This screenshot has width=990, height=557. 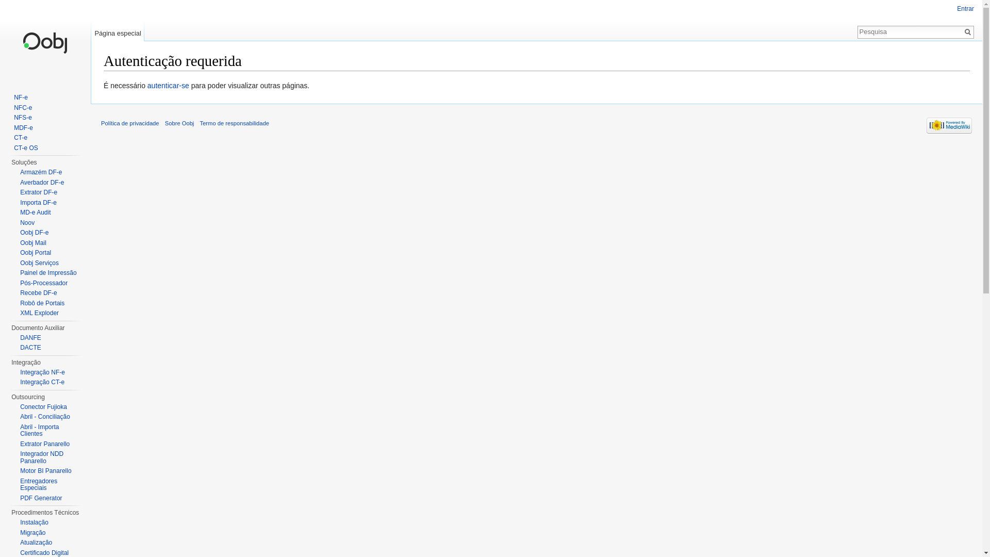 I want to click on 'Oobj Portal', so click(x=35, y=252).